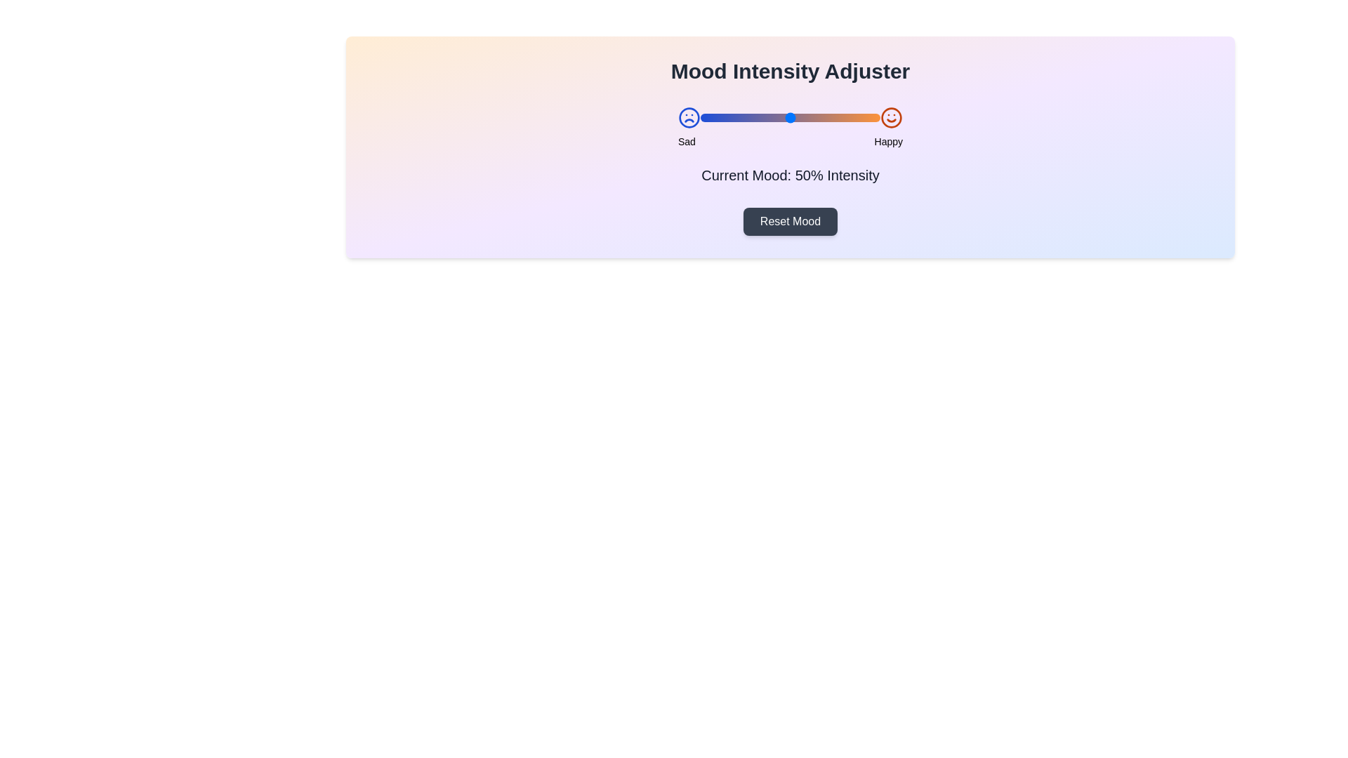  I want to click on the mood slider to 60% intensity, so click(808, 117).